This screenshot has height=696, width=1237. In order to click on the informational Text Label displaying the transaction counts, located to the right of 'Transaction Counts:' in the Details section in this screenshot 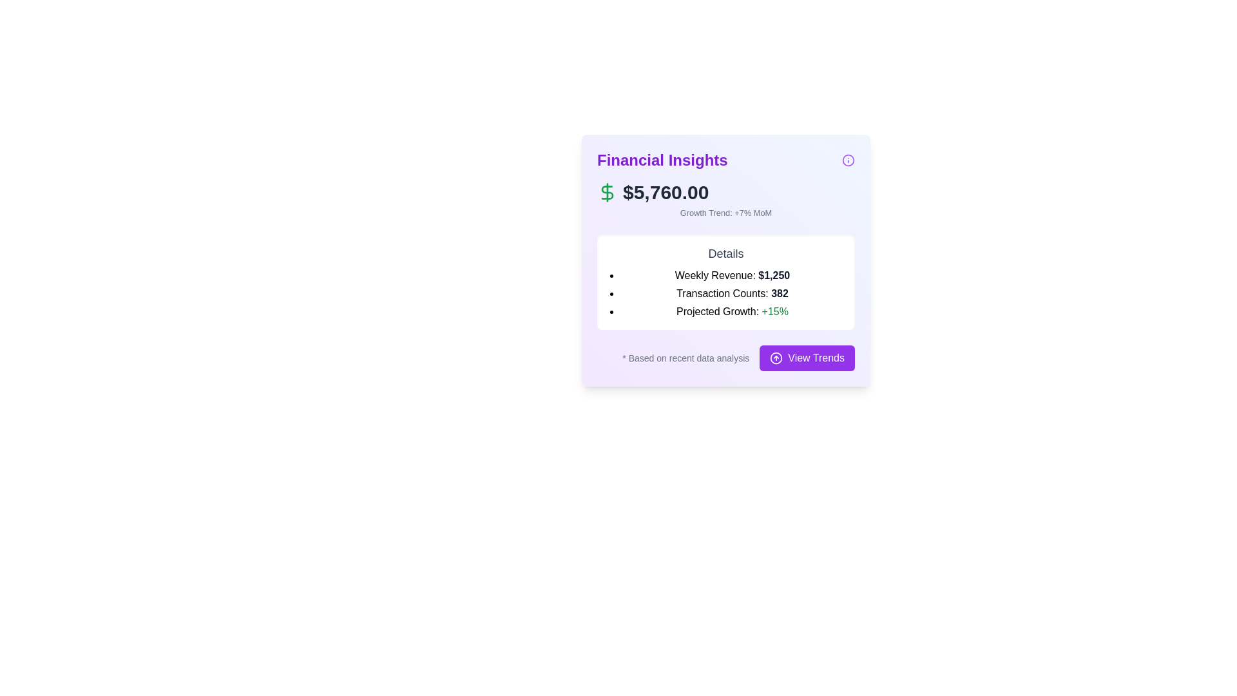, I will do `click(779, 293)`.